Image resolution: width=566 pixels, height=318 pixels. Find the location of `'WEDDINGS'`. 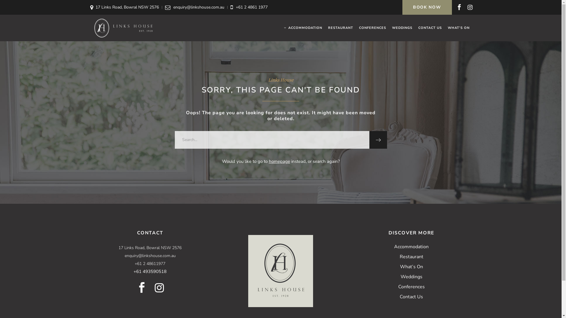

'WEDDINGS' is located at coordinates (402, 28).